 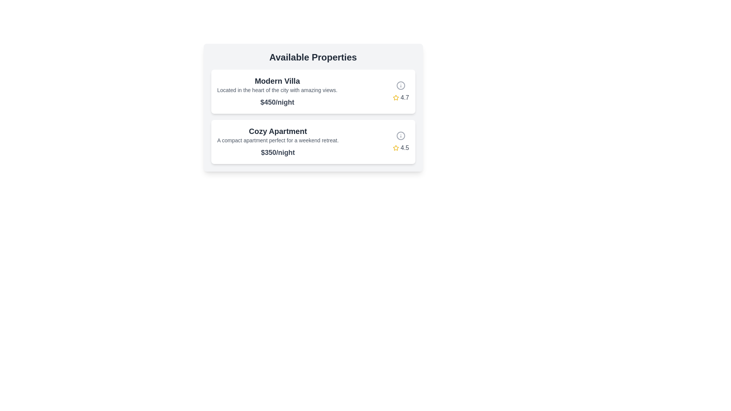 What do you see at coordinates (277, 102) in the screenshot?
I see `nightly price text of the 'Modern Villa' property listing, located below the title and description within its card layout` at bounding box center [277, 102].